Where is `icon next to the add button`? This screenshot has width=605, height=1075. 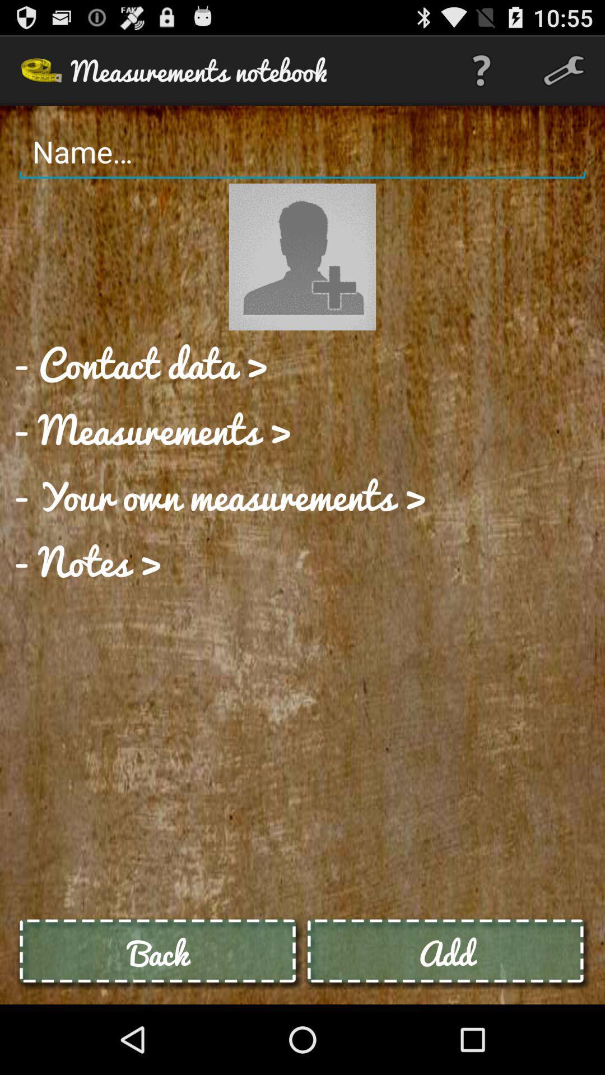
icon next to the add button is located at coordinates (159, 952).